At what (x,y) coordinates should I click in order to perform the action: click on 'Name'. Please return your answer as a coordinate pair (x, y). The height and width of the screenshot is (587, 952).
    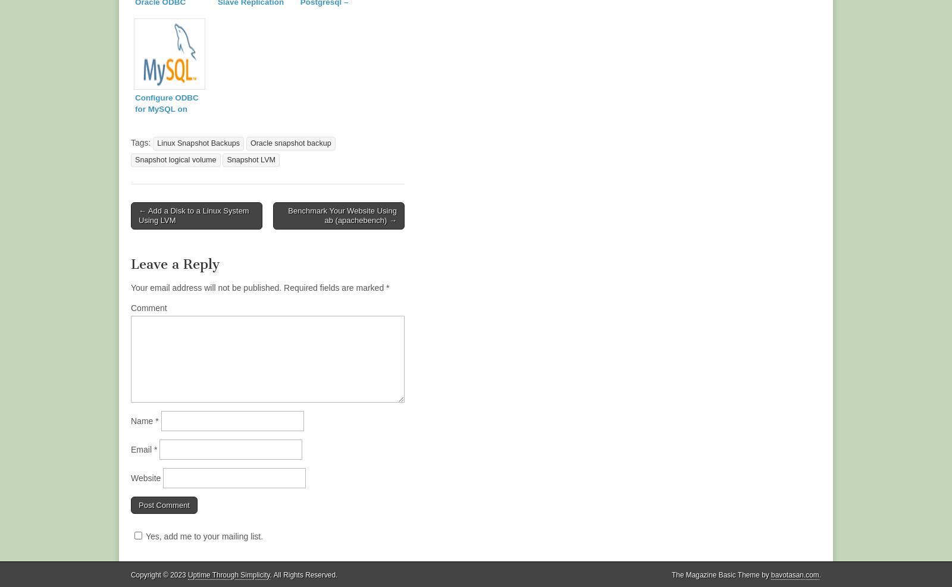
    Looking at the image, I should click on (143, 419).